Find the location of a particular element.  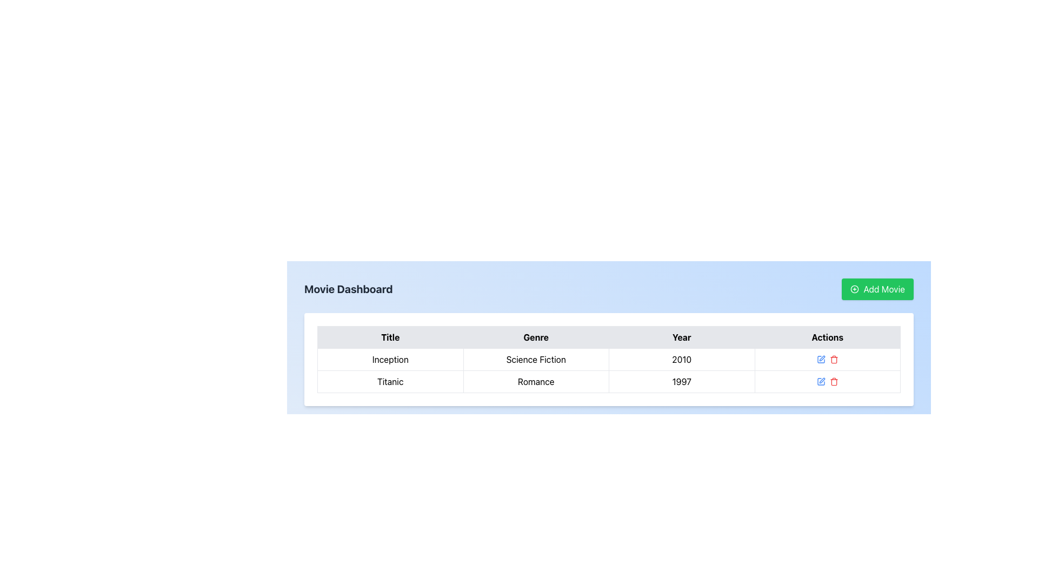

the delete button icon in the 'Actions' column of the table for the movie 'Titanic' is located at coordinates (833, 360).